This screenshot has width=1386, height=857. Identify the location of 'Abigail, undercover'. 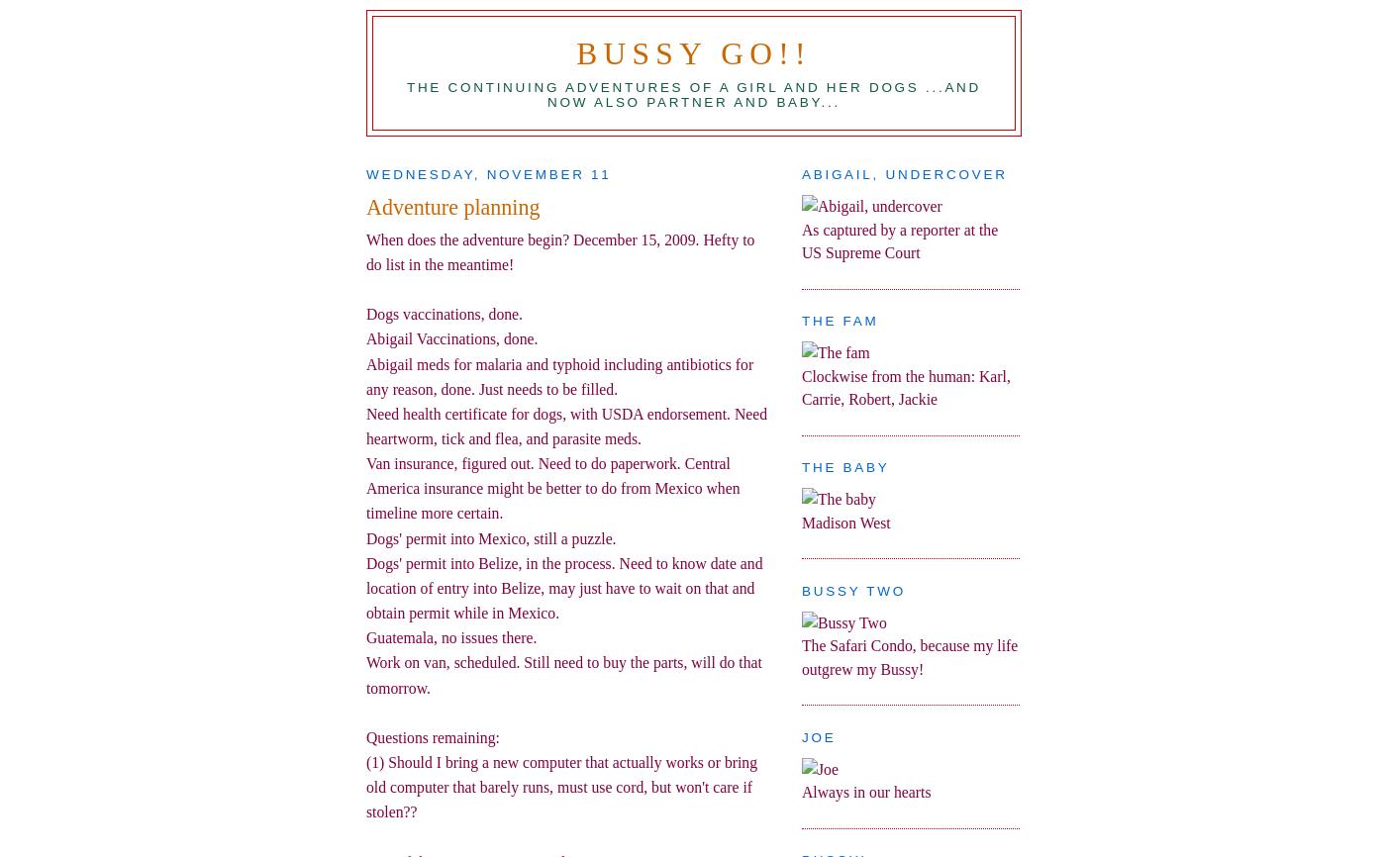
(904, 174).